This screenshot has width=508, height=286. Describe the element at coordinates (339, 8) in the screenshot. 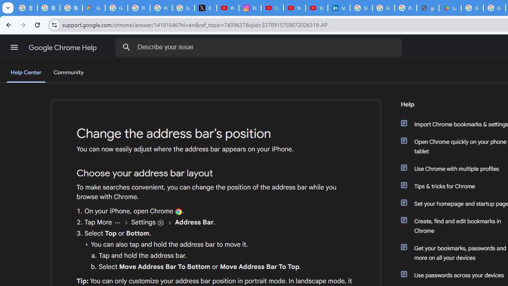

I see `'Identity verification via Persona | LinkedIn Help'` at that location.